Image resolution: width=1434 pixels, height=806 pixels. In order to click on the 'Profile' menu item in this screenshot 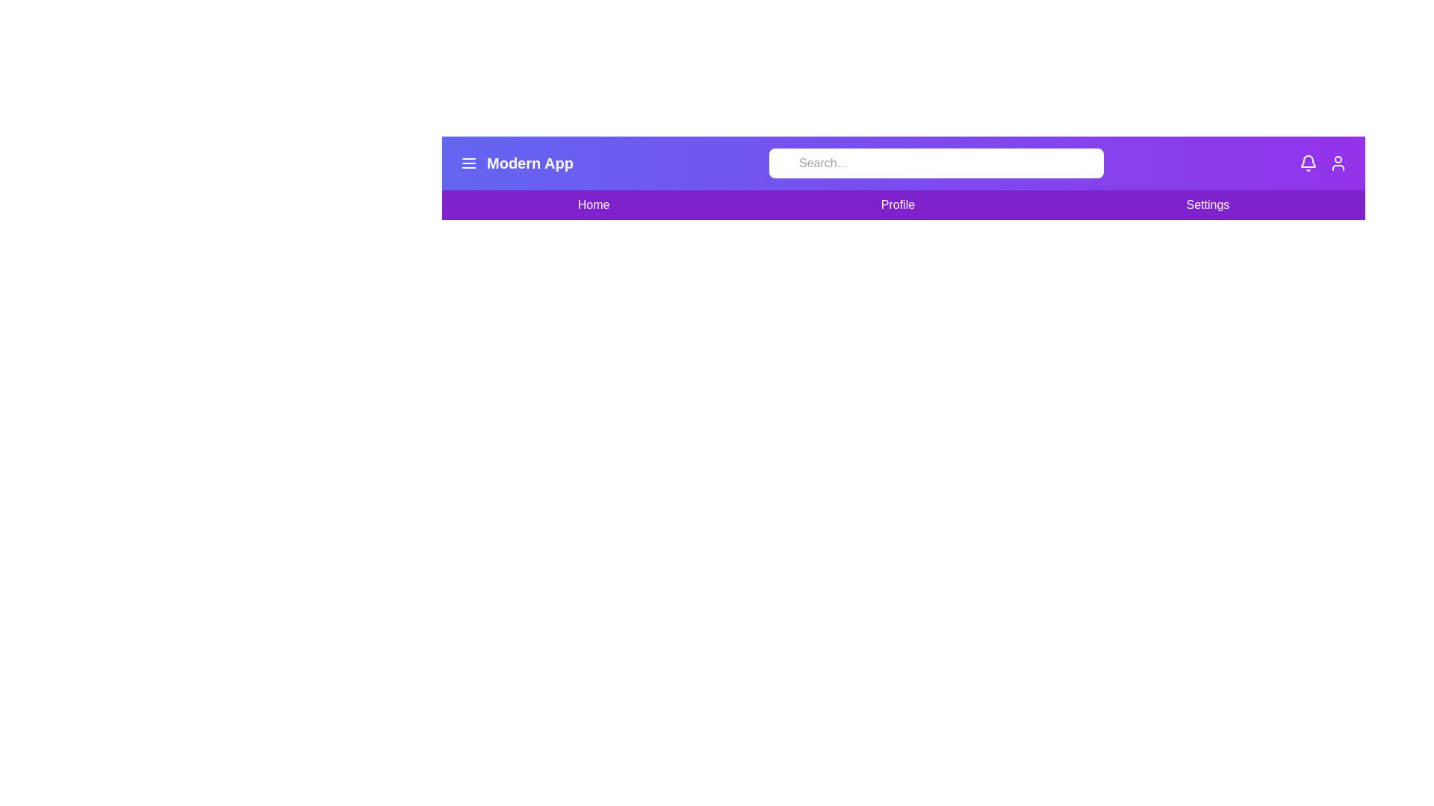, I will do `click(897, 204)`.